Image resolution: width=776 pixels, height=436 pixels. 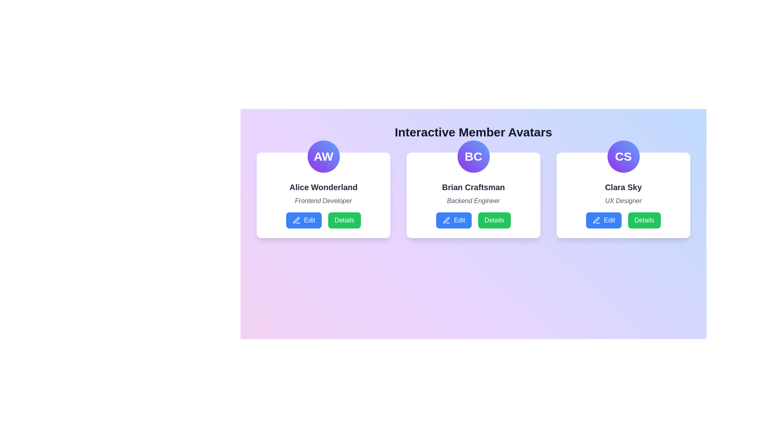 What do you see at coordinates (623, 200) in the screenshot?
I see `the text label displaying 'UX Designer' in italic gray color, located beneath 'Clara Sky' in the rightmost user profile card` at bounding box center [623, 200].